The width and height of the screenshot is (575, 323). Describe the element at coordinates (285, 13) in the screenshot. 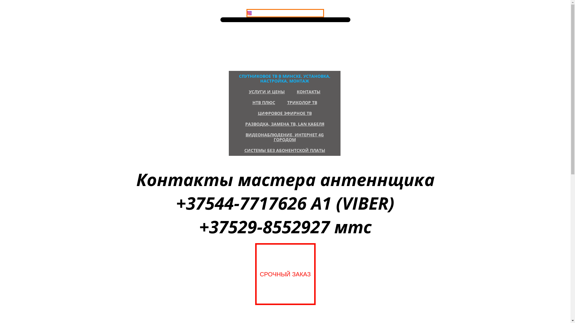

I see `'INSTAGRAM'` at that location.